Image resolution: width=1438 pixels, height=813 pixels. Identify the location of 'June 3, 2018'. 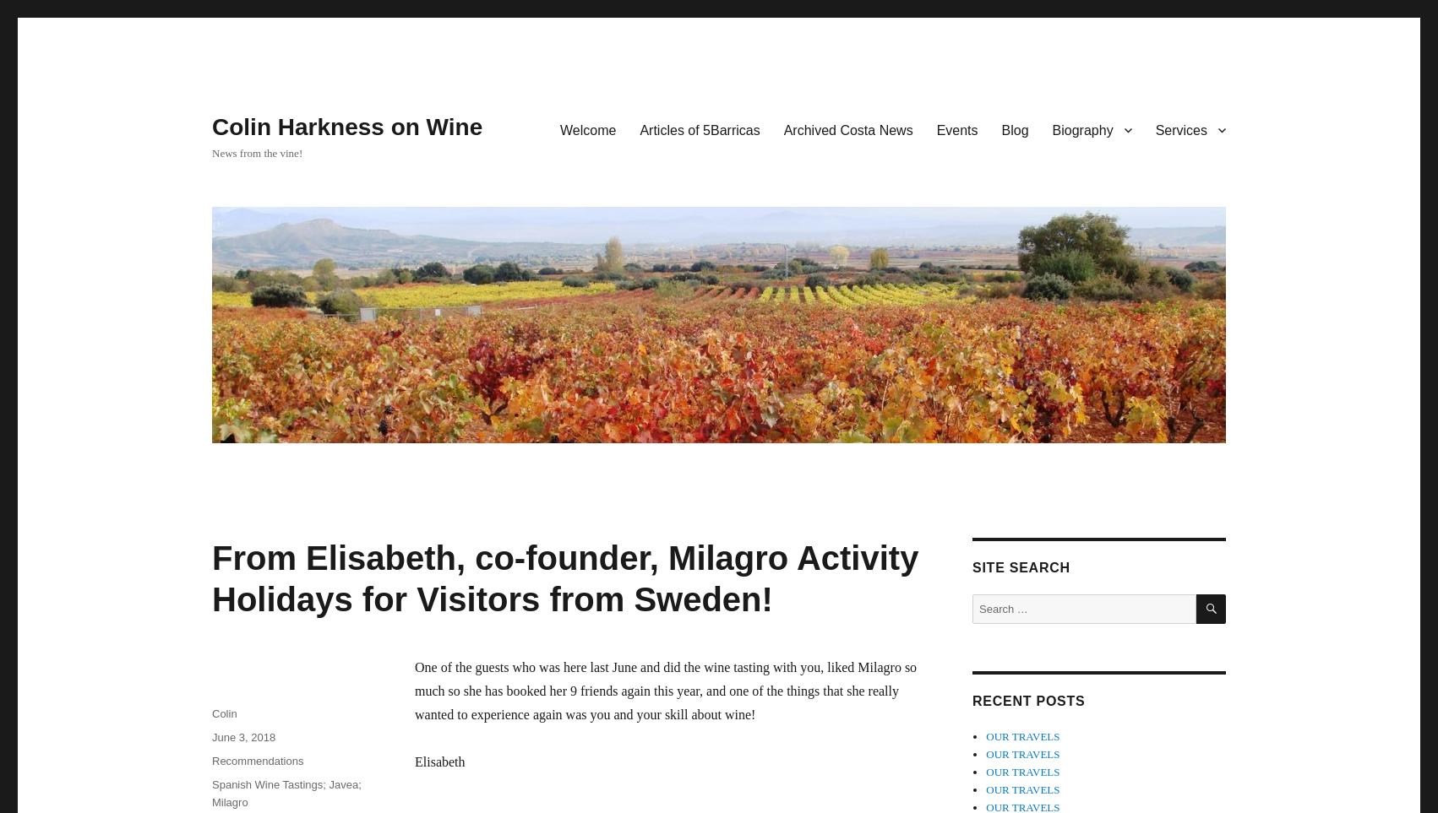
(243, 737).